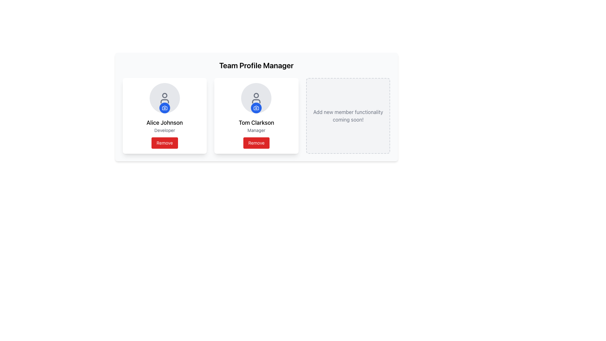  Describe the element at coordinates (164, 143) in the screenshot. I see `the button located at the bottom center of the user profile card for Alice Johnson, which allows users to remove the associated profile and observe the hover effect` at that location.